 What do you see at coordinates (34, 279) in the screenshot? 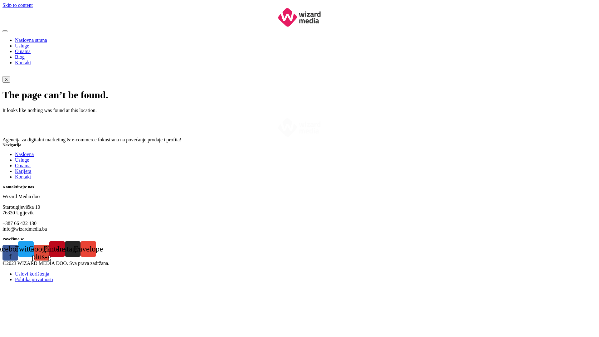
I see `'Politika privatnosti'` at bounding box center [34, 279].